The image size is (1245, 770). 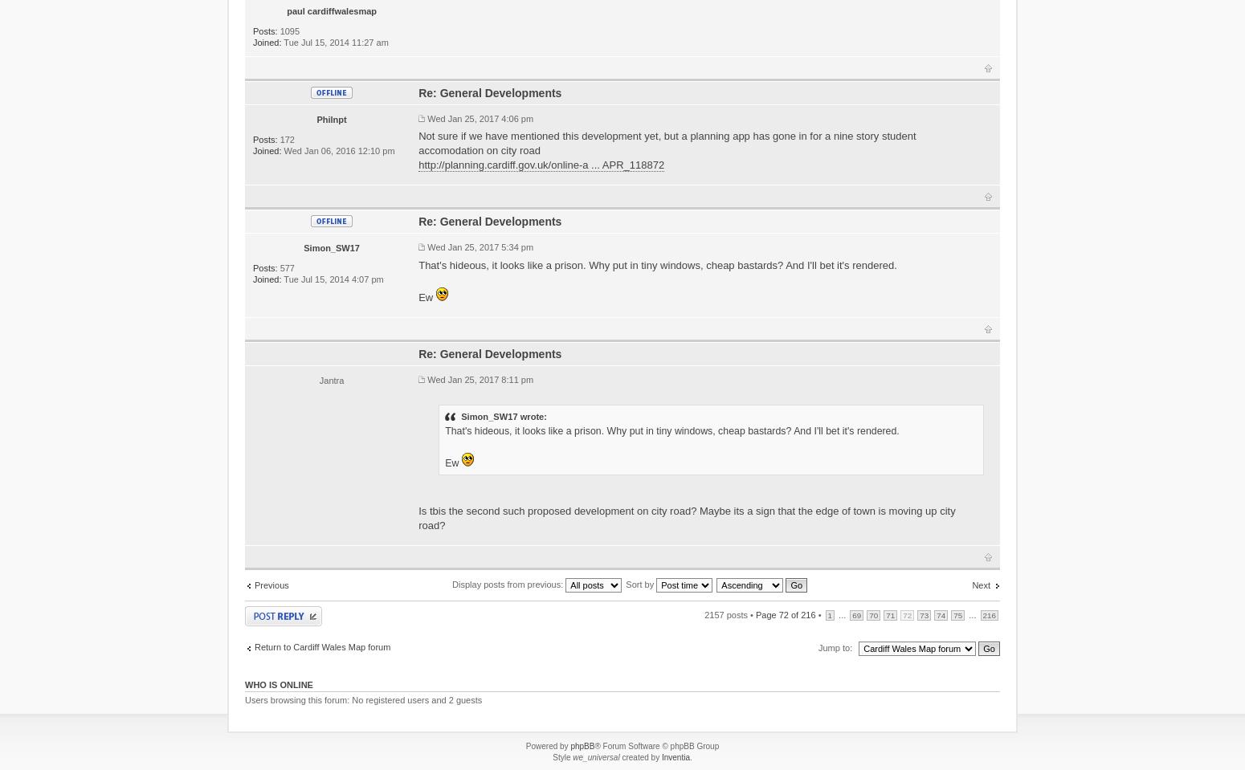 I want to click on '1', so click(x=830, y=614).